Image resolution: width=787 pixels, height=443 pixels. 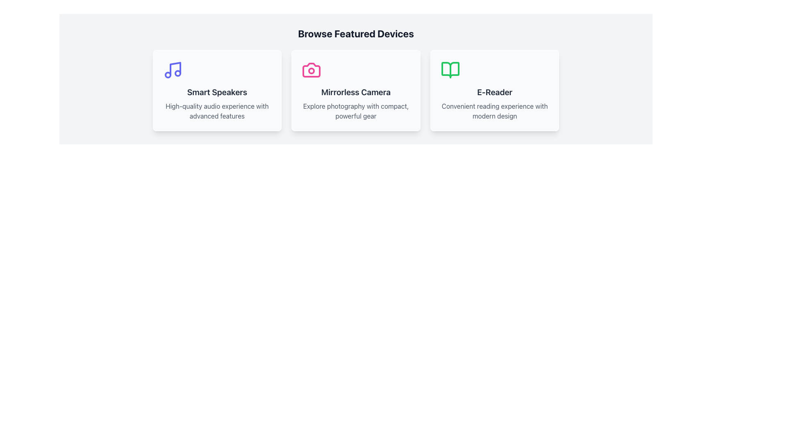 What do you see at coordinates (450, 69) in the screenshot?
I see `the e-reading icon located in the 'E-Reader' card, which is the second card from the right under 'Browse Featured Devices'` at bounding box center [450, 69].